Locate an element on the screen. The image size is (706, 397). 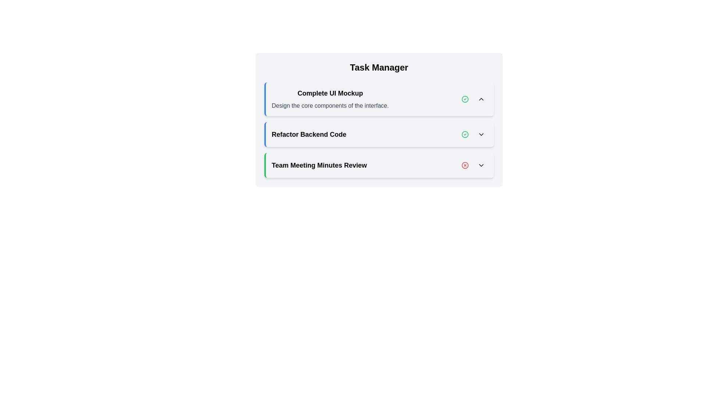
the task title and description element that displays 'Complete UI Mockup' and 'Design the core components of the interface.' within the first task card is located at coordinates (379, 99).